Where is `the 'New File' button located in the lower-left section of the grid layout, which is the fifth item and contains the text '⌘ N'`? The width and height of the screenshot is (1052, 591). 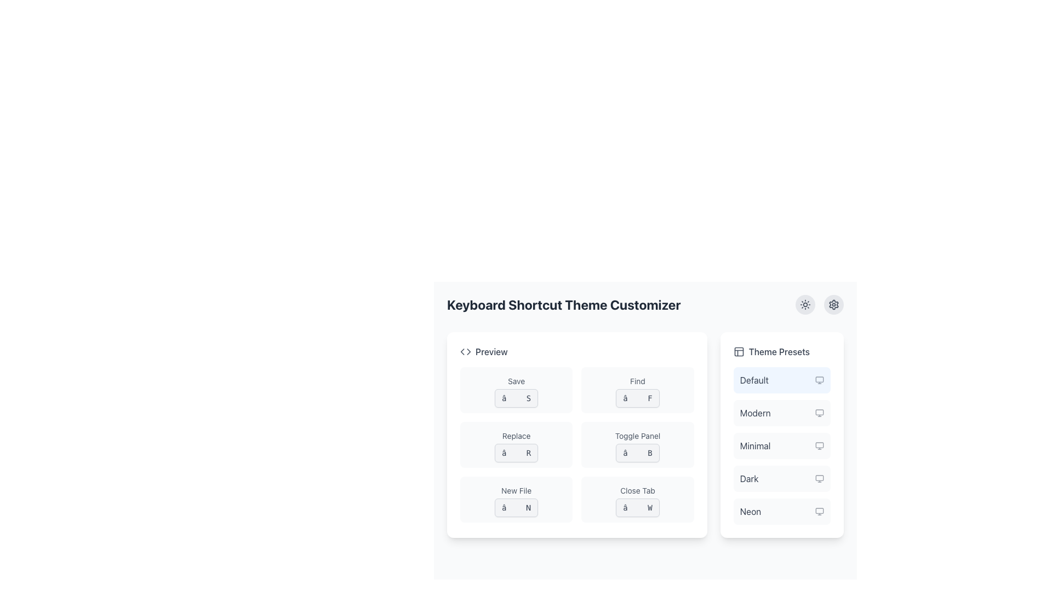
the 'New File' button located in the lower-left section of the grid layout, which is the fifth item and contains the text '⌘ N' is located at coordinates (516, 500).